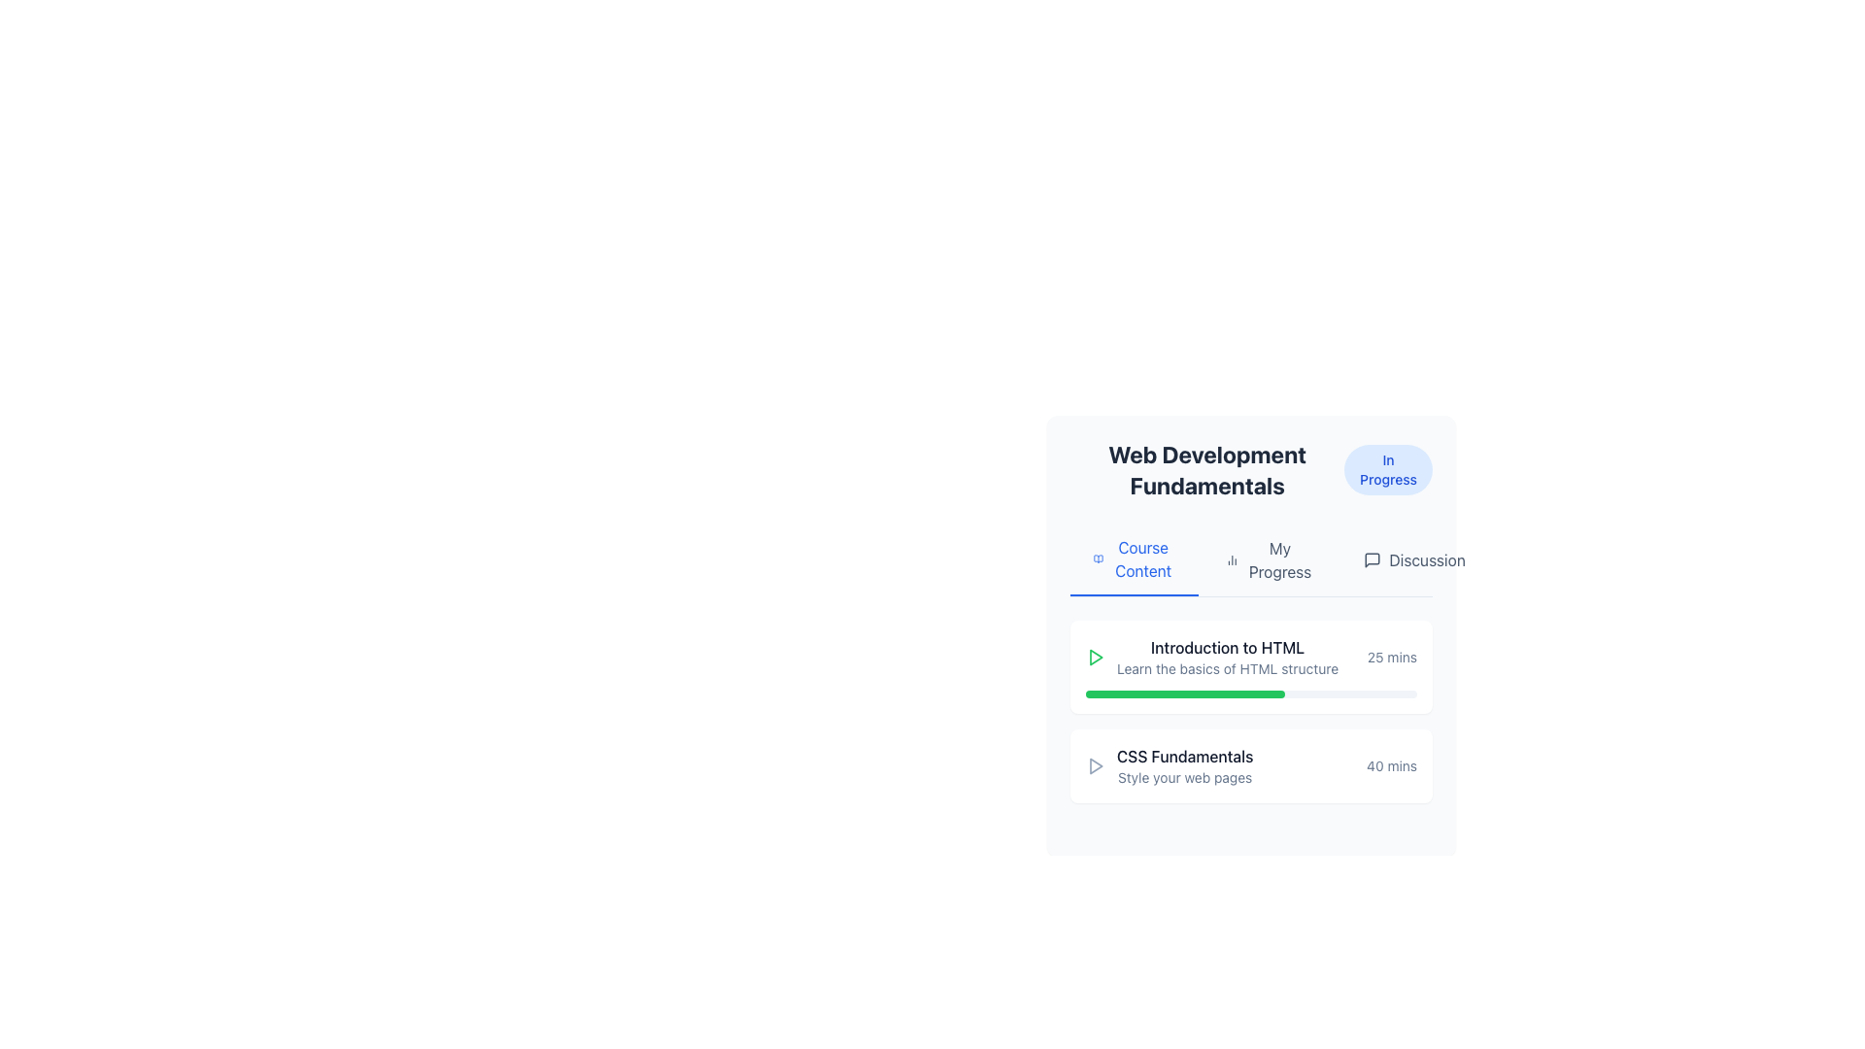  Describe the element at coordinates (1184, 756) in the screenshot. I see `the static text label in the 'Web Development Fundamentals' section that serves as a title for the content item, positioned above the subtitle 'Style your web pages'` at that location.